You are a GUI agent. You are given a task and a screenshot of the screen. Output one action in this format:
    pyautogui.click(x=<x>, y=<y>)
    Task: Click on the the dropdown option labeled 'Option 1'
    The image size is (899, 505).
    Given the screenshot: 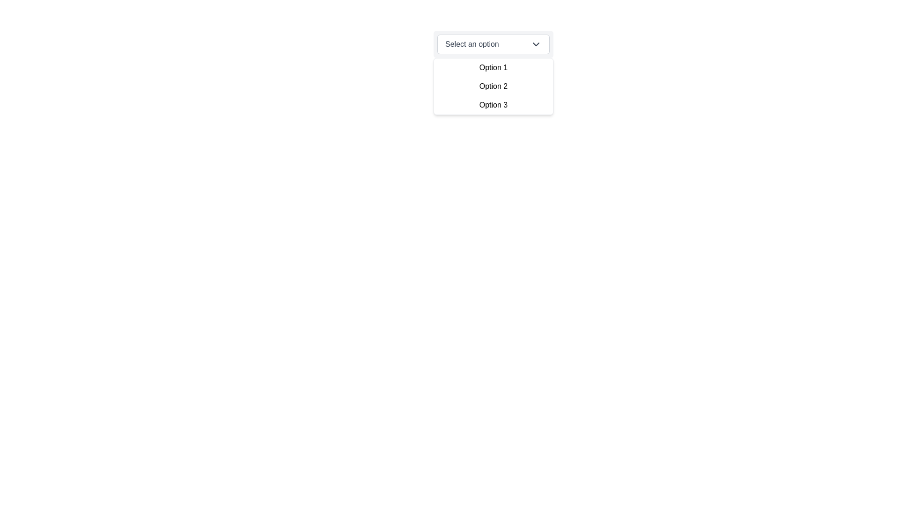 What is the action you would take?
    pyautogui.click(x=493, y=67)
    